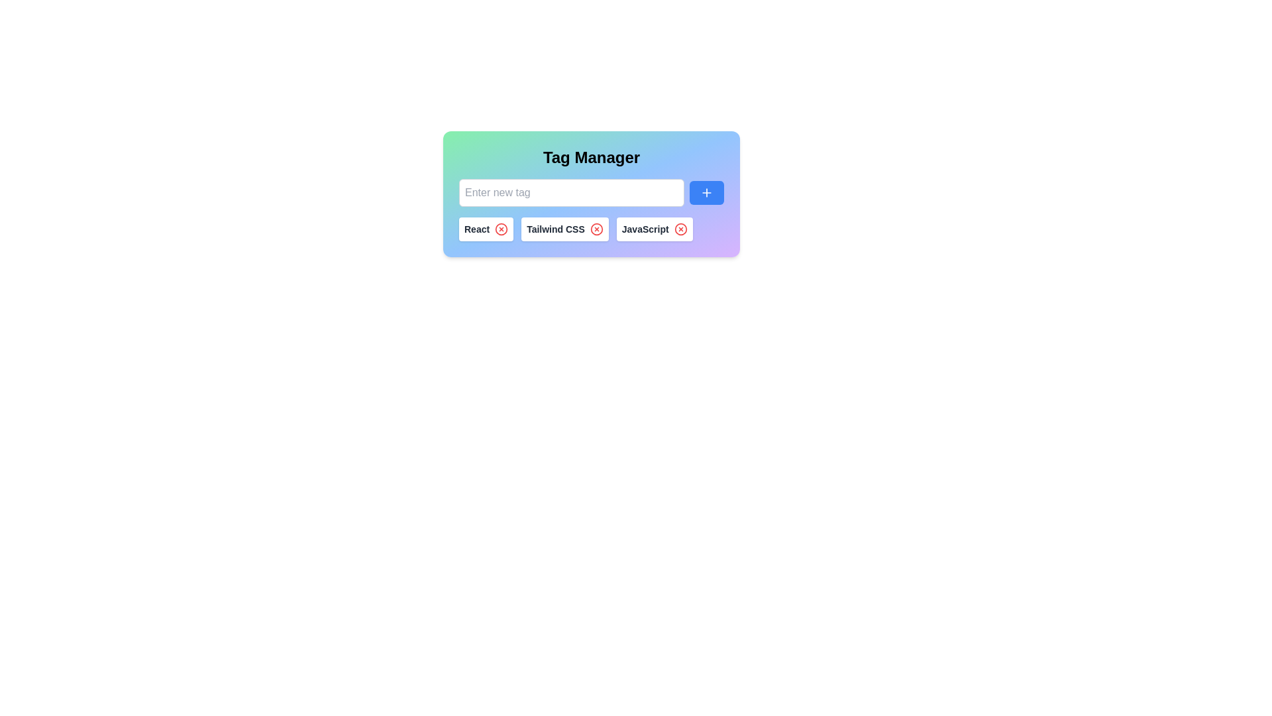 This screenshot has width=1272, height=716. I want to click on the remove icon next to the tag labeled Tailwind CSS, so click(596, 229).